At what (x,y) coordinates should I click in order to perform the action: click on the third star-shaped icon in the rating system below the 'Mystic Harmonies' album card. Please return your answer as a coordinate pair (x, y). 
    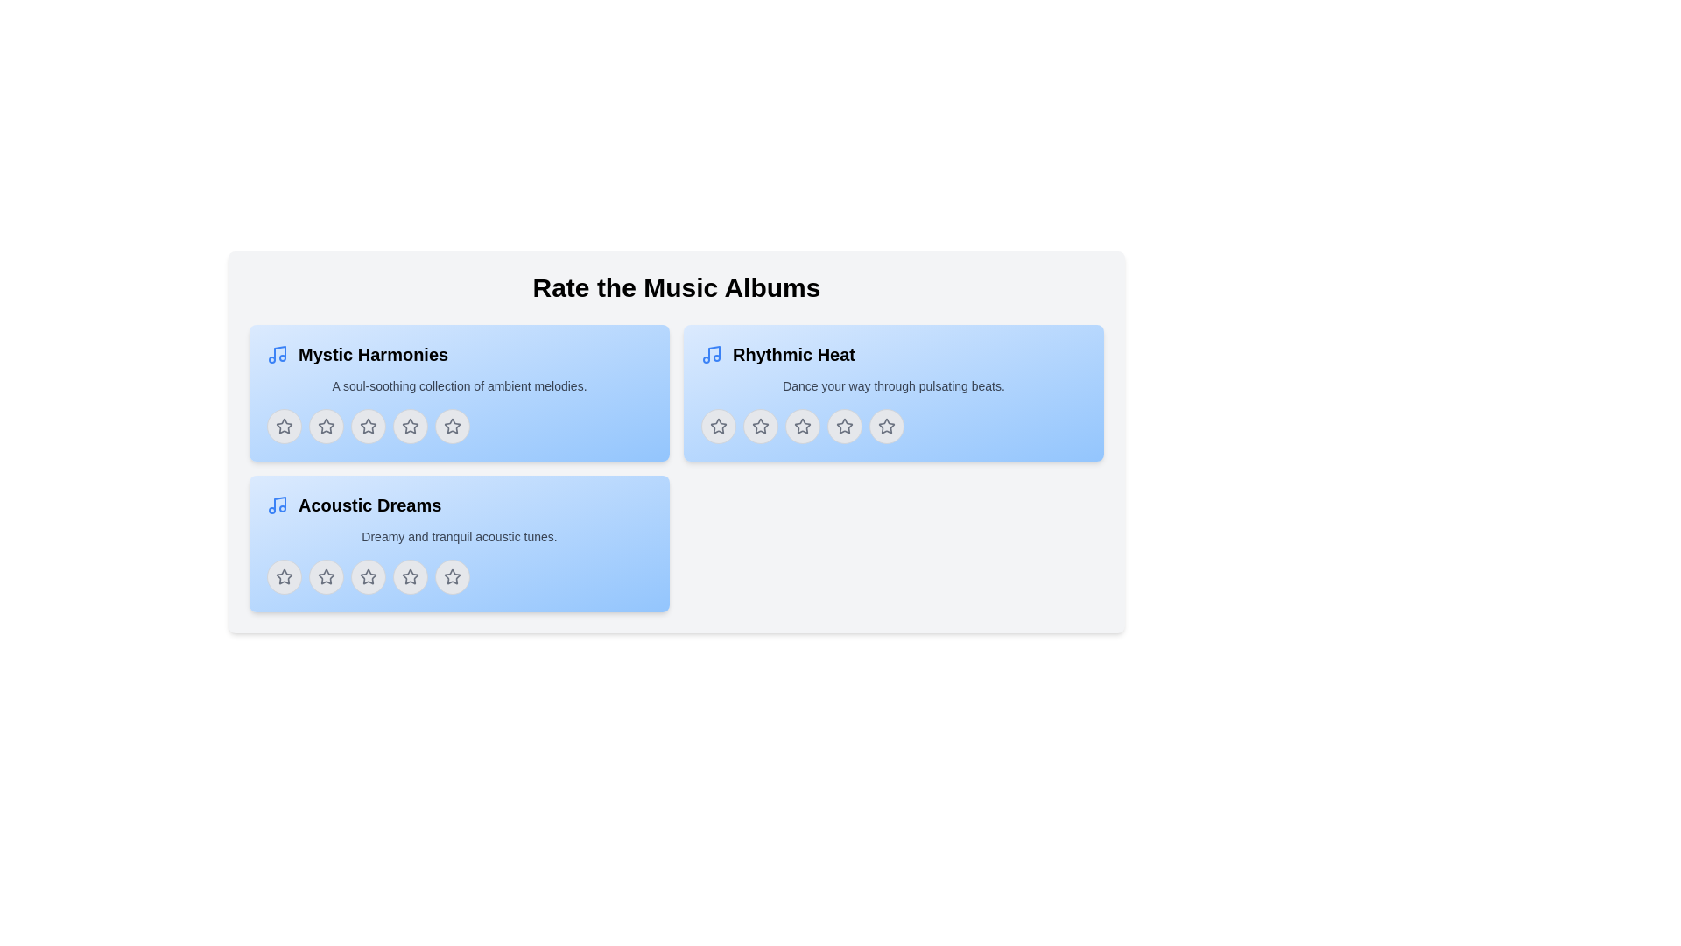
    Looking at the image, I should click on (368, 426).